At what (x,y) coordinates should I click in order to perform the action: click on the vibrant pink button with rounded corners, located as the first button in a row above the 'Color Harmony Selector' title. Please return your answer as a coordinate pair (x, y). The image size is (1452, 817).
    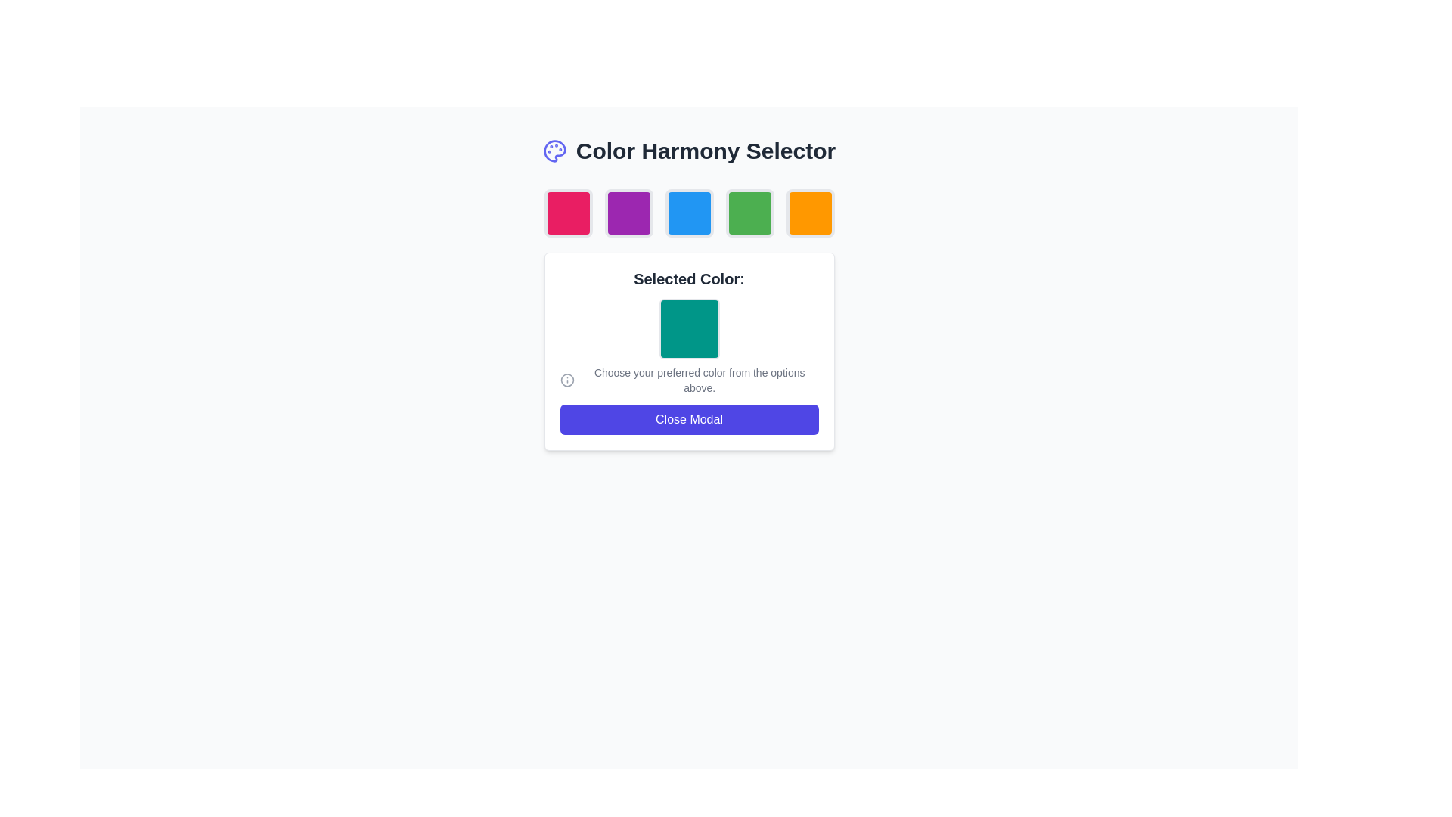
    Looking at the image, I should click on (567, 213).